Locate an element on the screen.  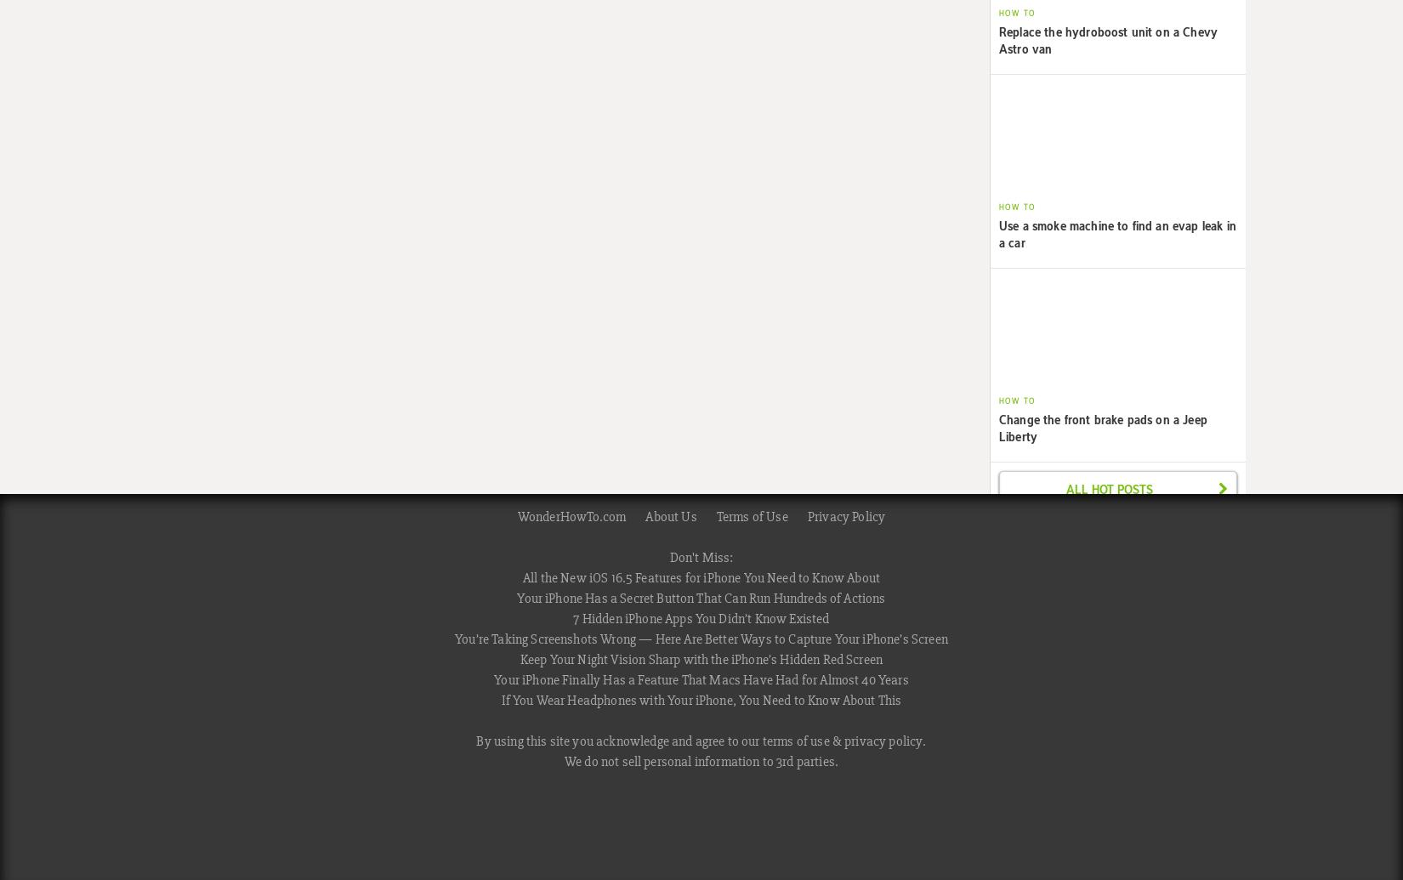
'Don't Miss:' is located at coordinates (700, 556).